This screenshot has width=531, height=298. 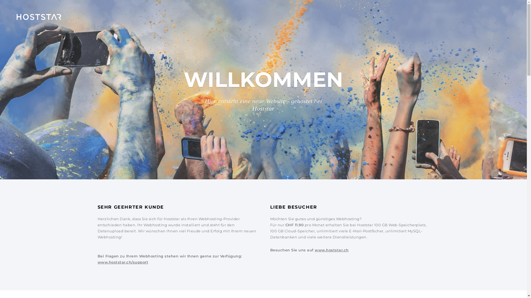 What do you see at coordinates (332, 250) in the screenshot?
I see `'www.hoststar.ch'` at bounding box center [332, 250].